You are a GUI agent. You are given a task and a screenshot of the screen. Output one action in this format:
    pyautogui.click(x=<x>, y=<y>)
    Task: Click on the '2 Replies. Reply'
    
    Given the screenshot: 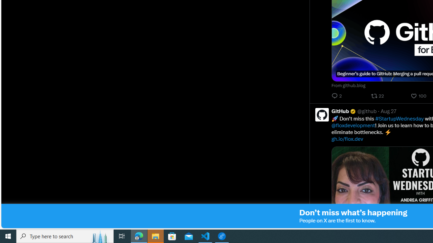 What is the action you would take?
    pyautogui.click(x=337, y=96)
    